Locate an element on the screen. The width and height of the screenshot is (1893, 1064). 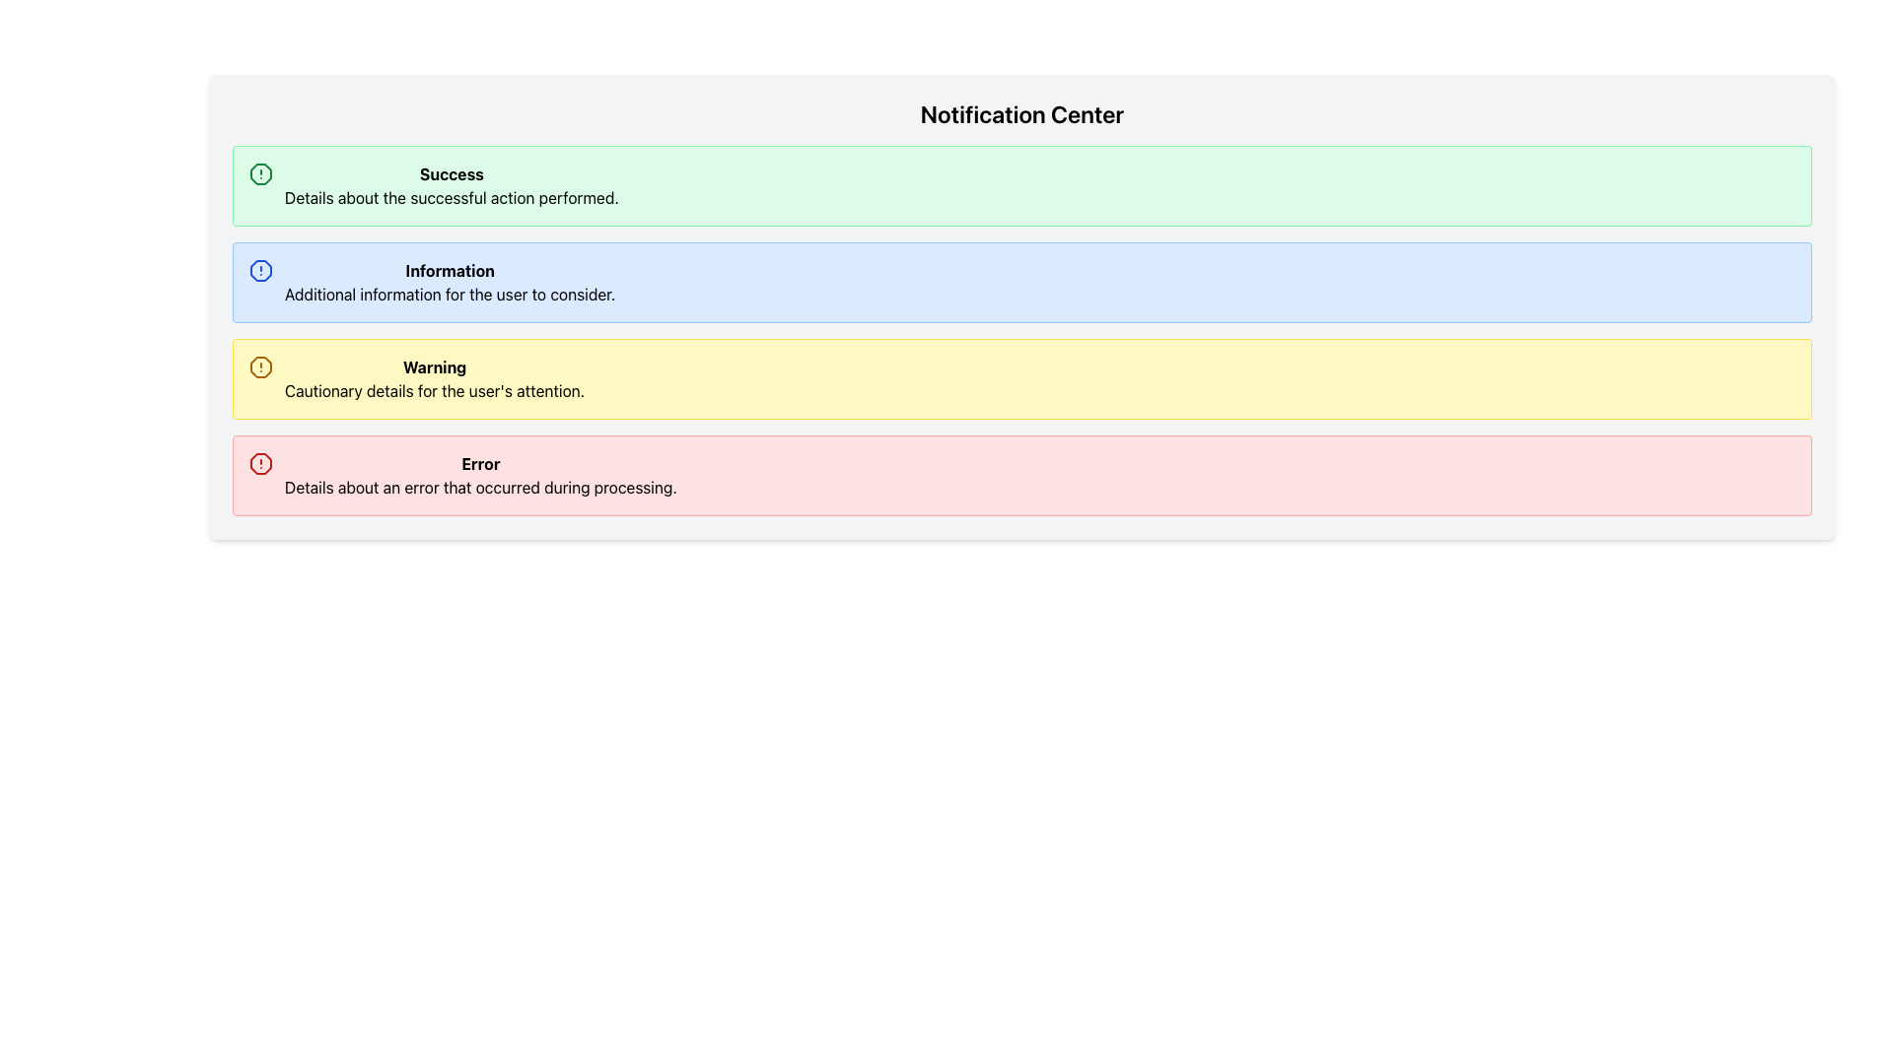
the high-priority error icon located in the top-left corner of the 'Error' notification box is located at coordinates (259, 463).